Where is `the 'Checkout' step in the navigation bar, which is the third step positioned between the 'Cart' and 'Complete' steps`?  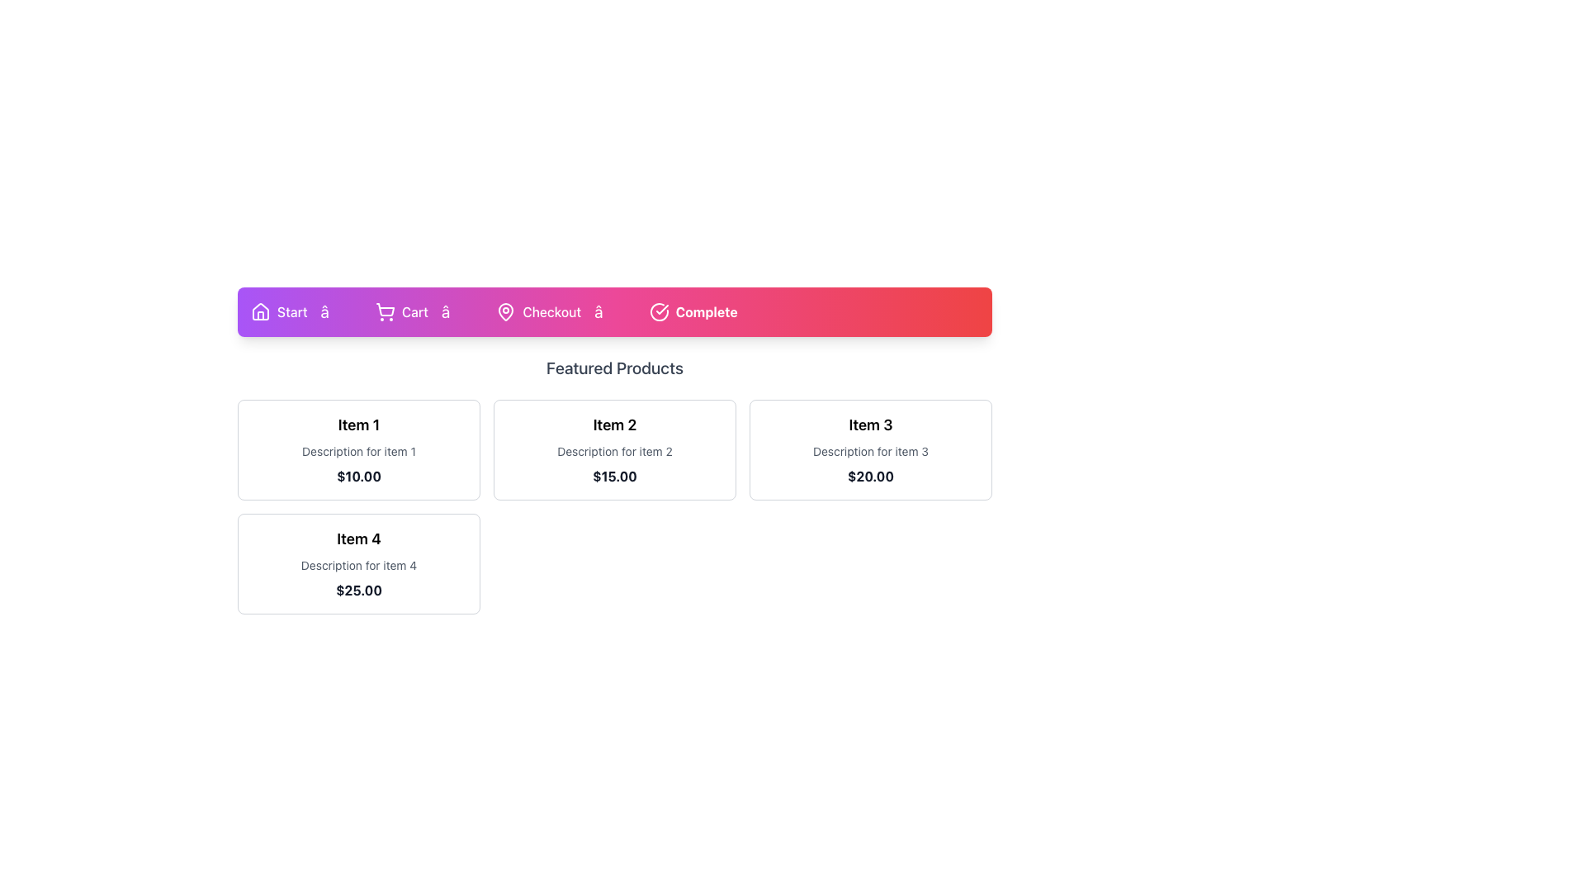 the 'Checkout' step in the navigation bar, which is the third step positioned between the 'Cart' and 'Complete' steps is located at coordinates (538, 312).